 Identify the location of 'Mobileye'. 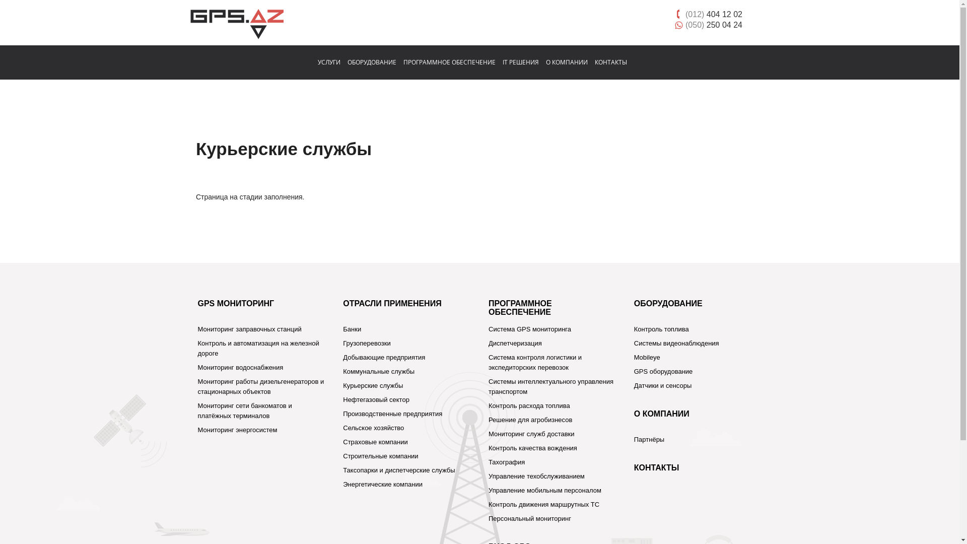
(633, 357).